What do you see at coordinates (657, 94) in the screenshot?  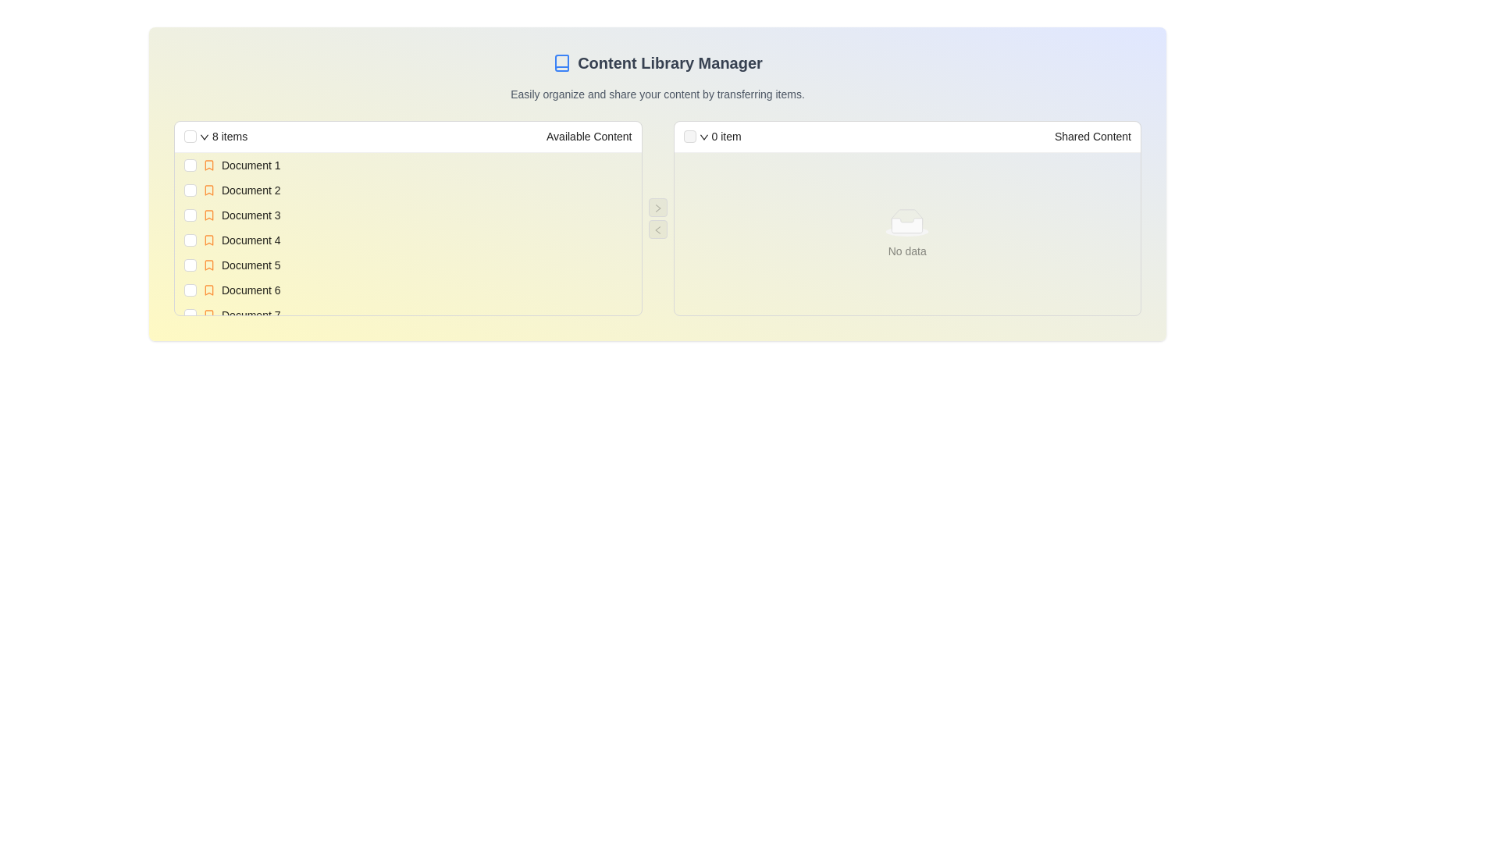 I see `the informative text display located centrally beneath the heading 'Content Library Manager' in the header section` at bounding box center [657, 94].